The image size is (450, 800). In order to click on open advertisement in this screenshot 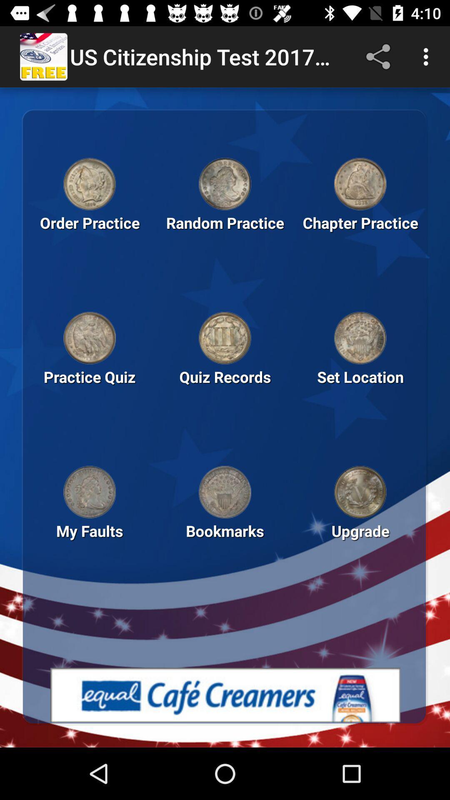, I will do `click(225, 695)`.